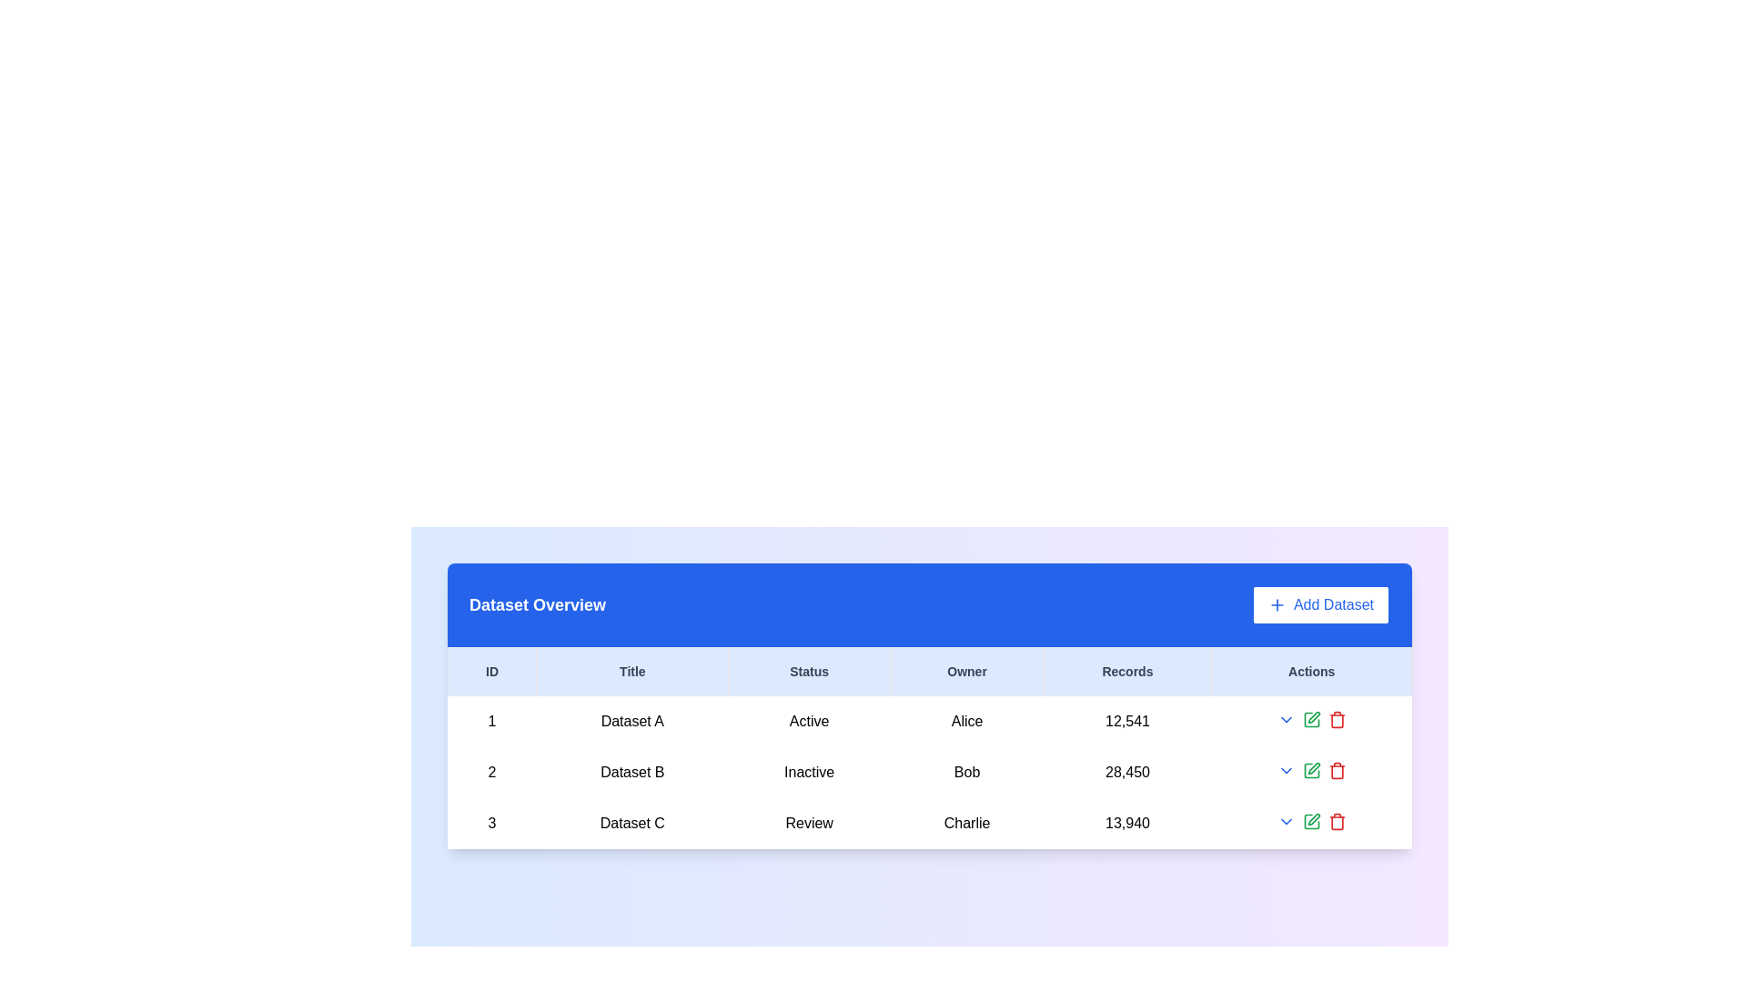  What do you see at coordinates (1314, 716) in the screenshot?
I see `the edit button icon in the 'Actions' column for 'Dataset A'` at bounding box center [1314, 716].